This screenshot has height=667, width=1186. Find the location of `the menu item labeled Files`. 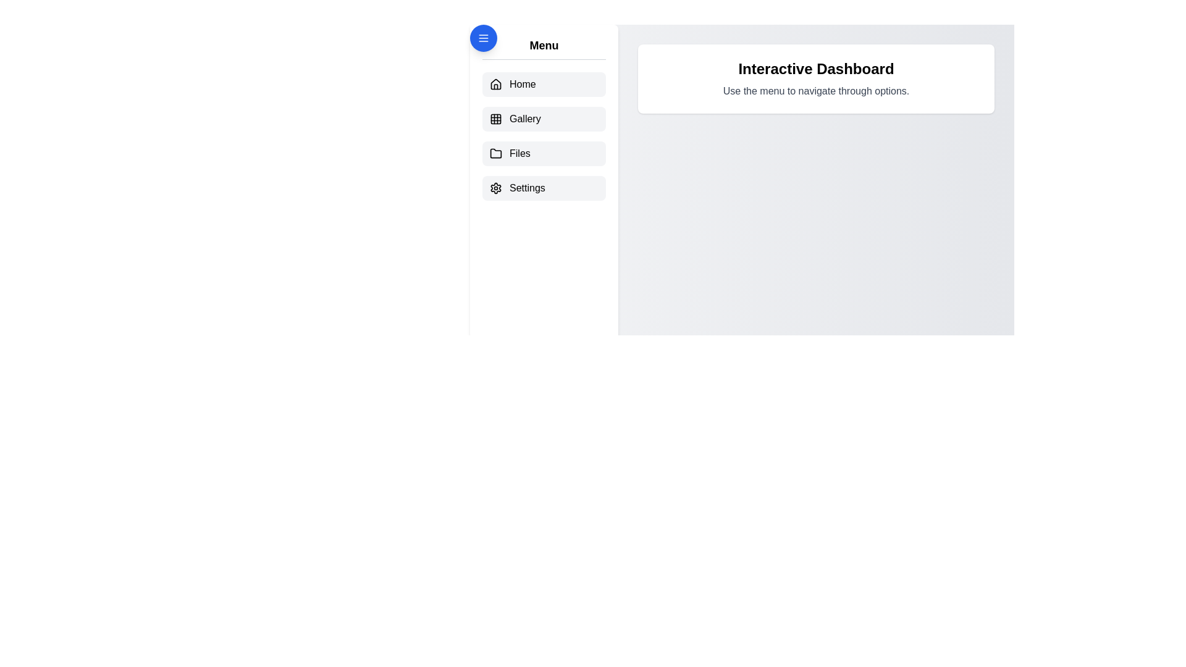

the menu item labeled Files is located at coordinates (544, 153).